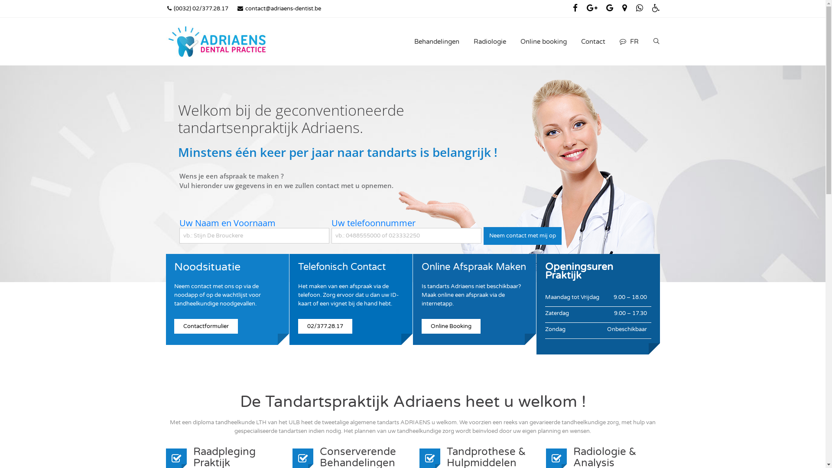  What do you see at coordinates (474, 266) in the screenshot?
I see `'Online Afspraak Maken'` at bounding box center [474, 266].